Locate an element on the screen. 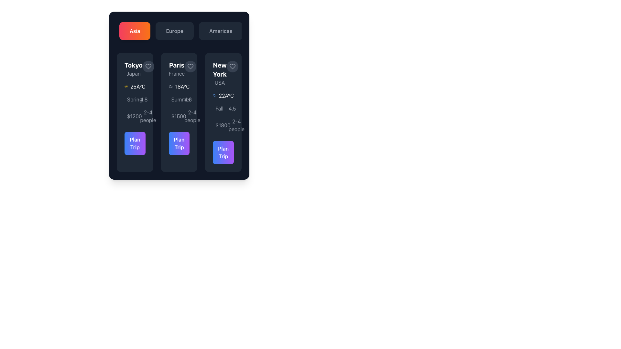 This screenshot has height=349, width=621. the static text display that serves as the header for the Tokyo, Japan card, located in the top section of the leftmost card among three cards is located at coordinates (135, 69).